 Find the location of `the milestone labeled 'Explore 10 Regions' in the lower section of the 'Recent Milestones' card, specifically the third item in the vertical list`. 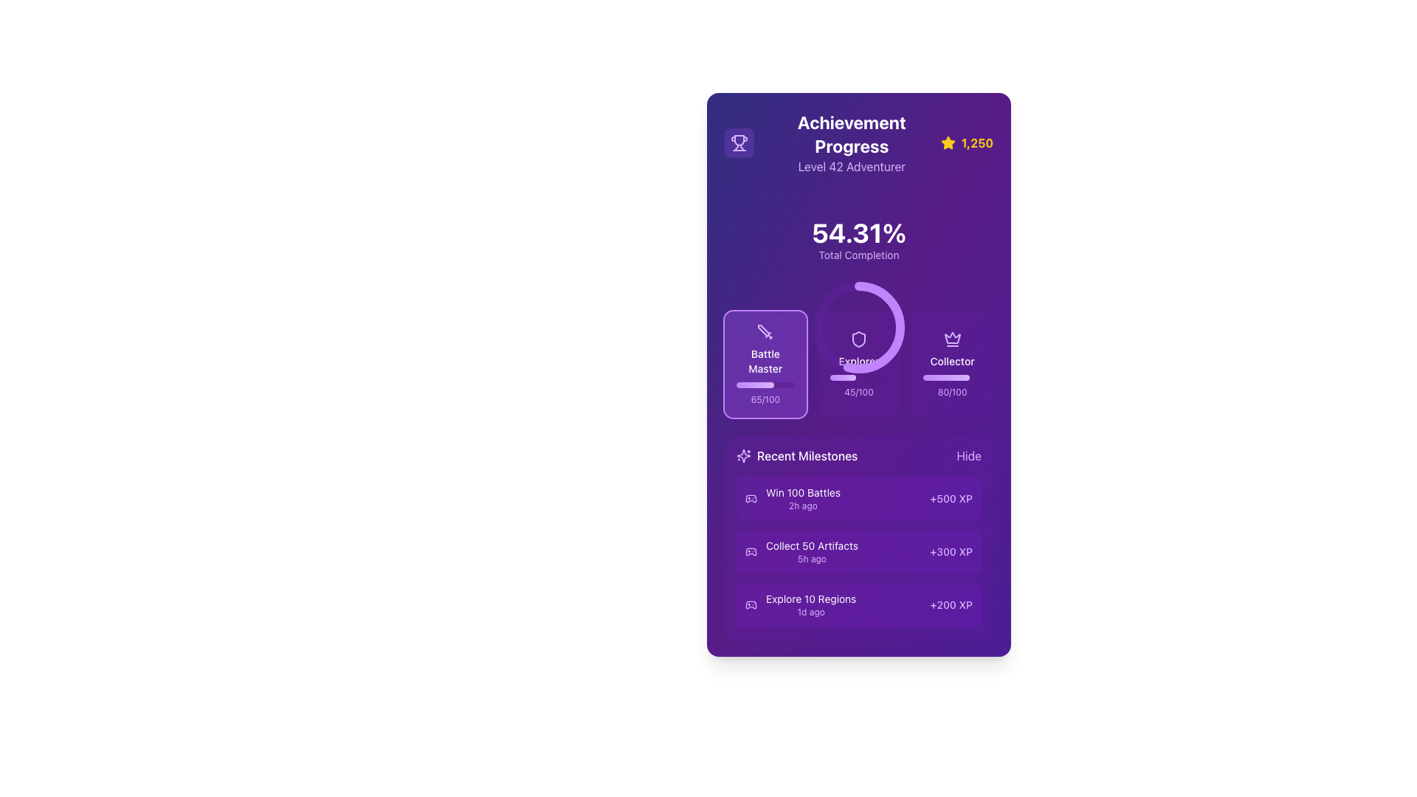

the milestone labeled 'Explore 10 Regions' in the lower section of the 'Recent Milestones' card, specifically the third item in the vertical list is located at coordinates (800, 605).